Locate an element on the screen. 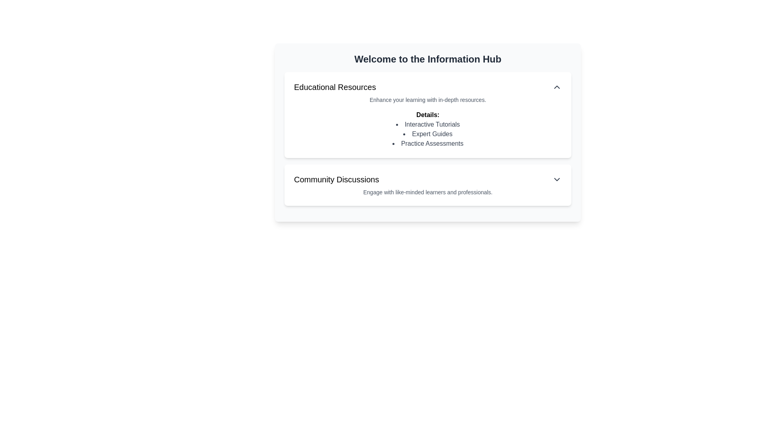 The height and width of the screenshot is (430, 765). the Text Label that serves as the title for the list of items in the 'Educational Resources' panel, located under the 'Welcome to the Information Hub' header is located at coordinates (428, 115).